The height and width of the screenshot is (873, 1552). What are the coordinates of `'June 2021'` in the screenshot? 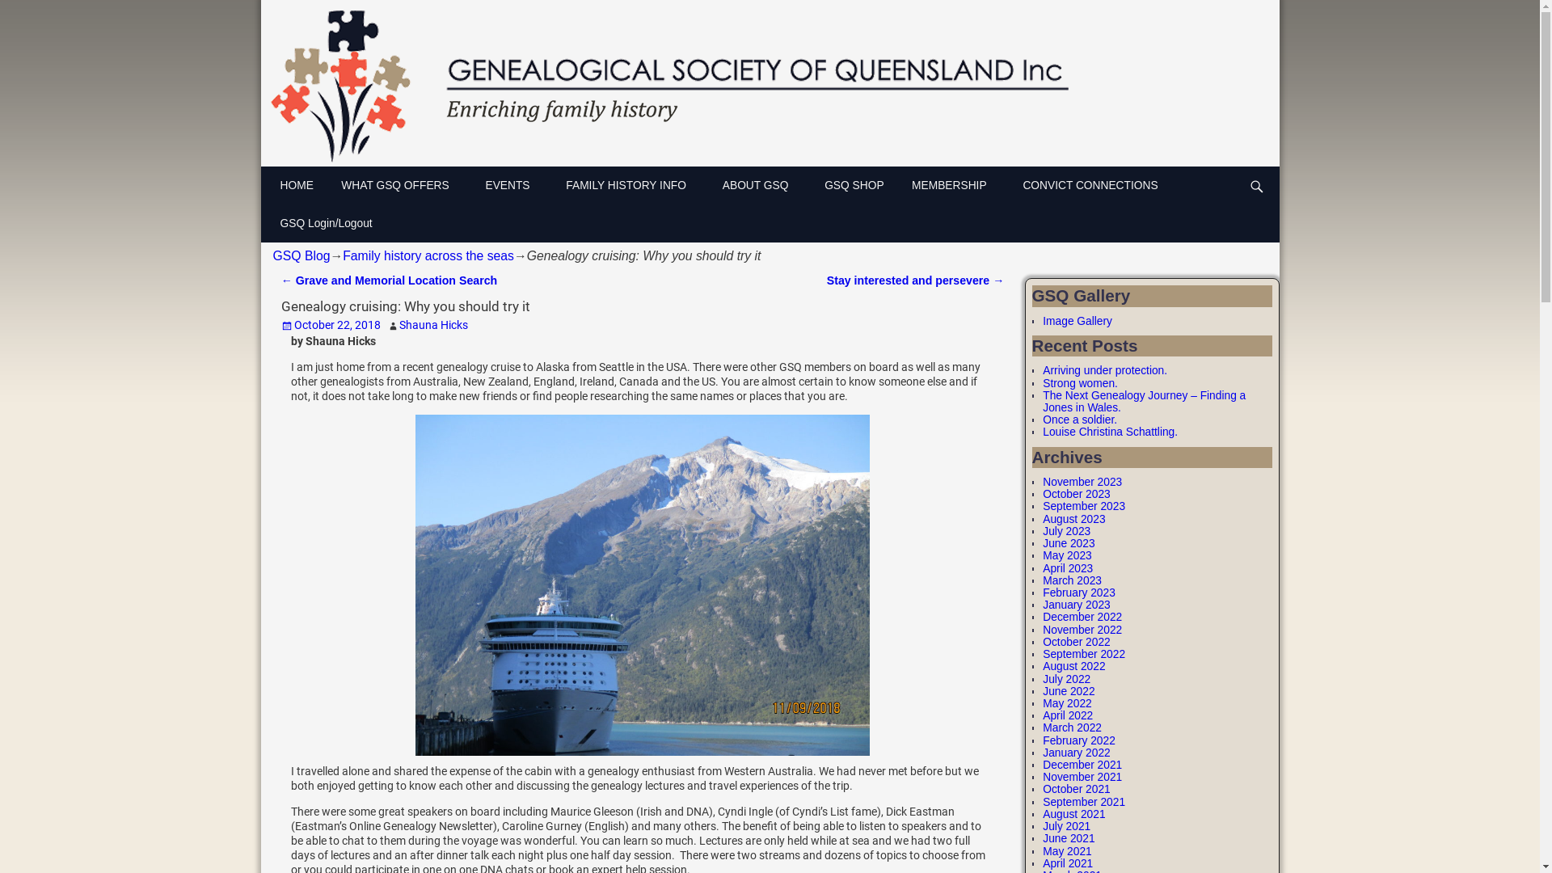 It's located at (1068, 837).